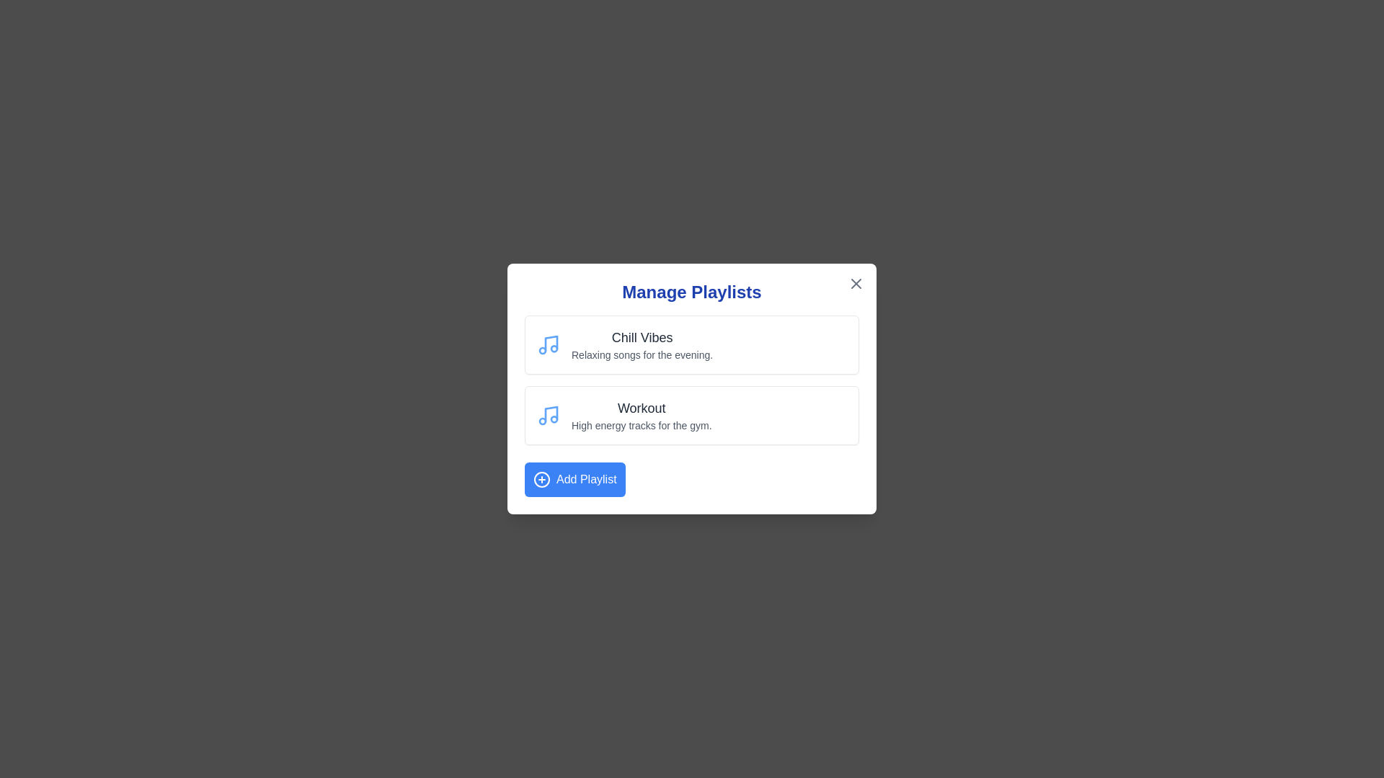 The width and height of the screenshot is (1384, 778). Describe the element at coordinates (856, 283) in the screenshot. I see `the close button located at the top-right corner of the modal window` at that location.